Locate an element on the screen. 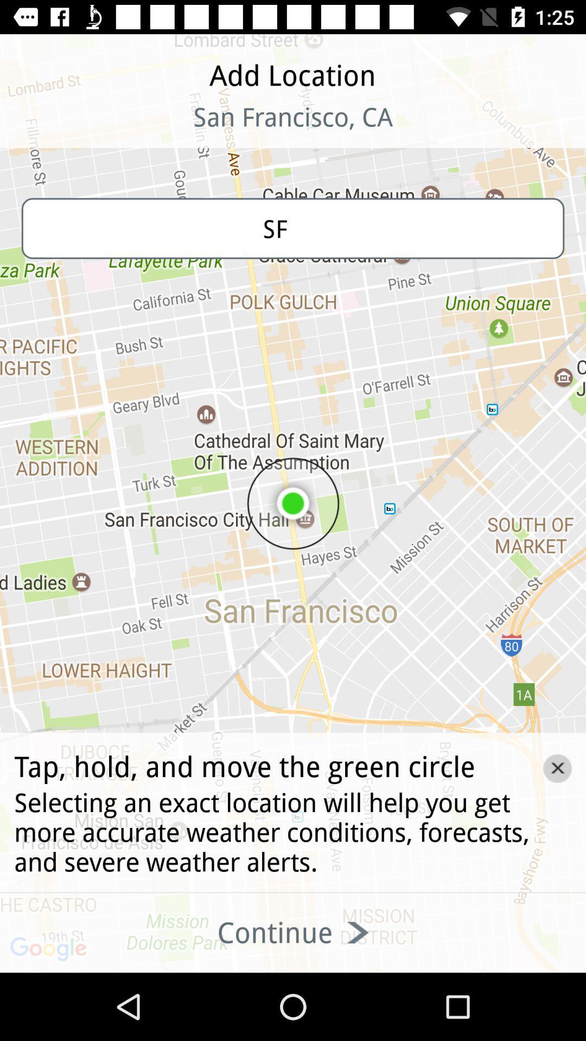 Image resolution: width=586 pixels, height=1041 pixels. item above tap hold and item is located at coordinates (293, 228).